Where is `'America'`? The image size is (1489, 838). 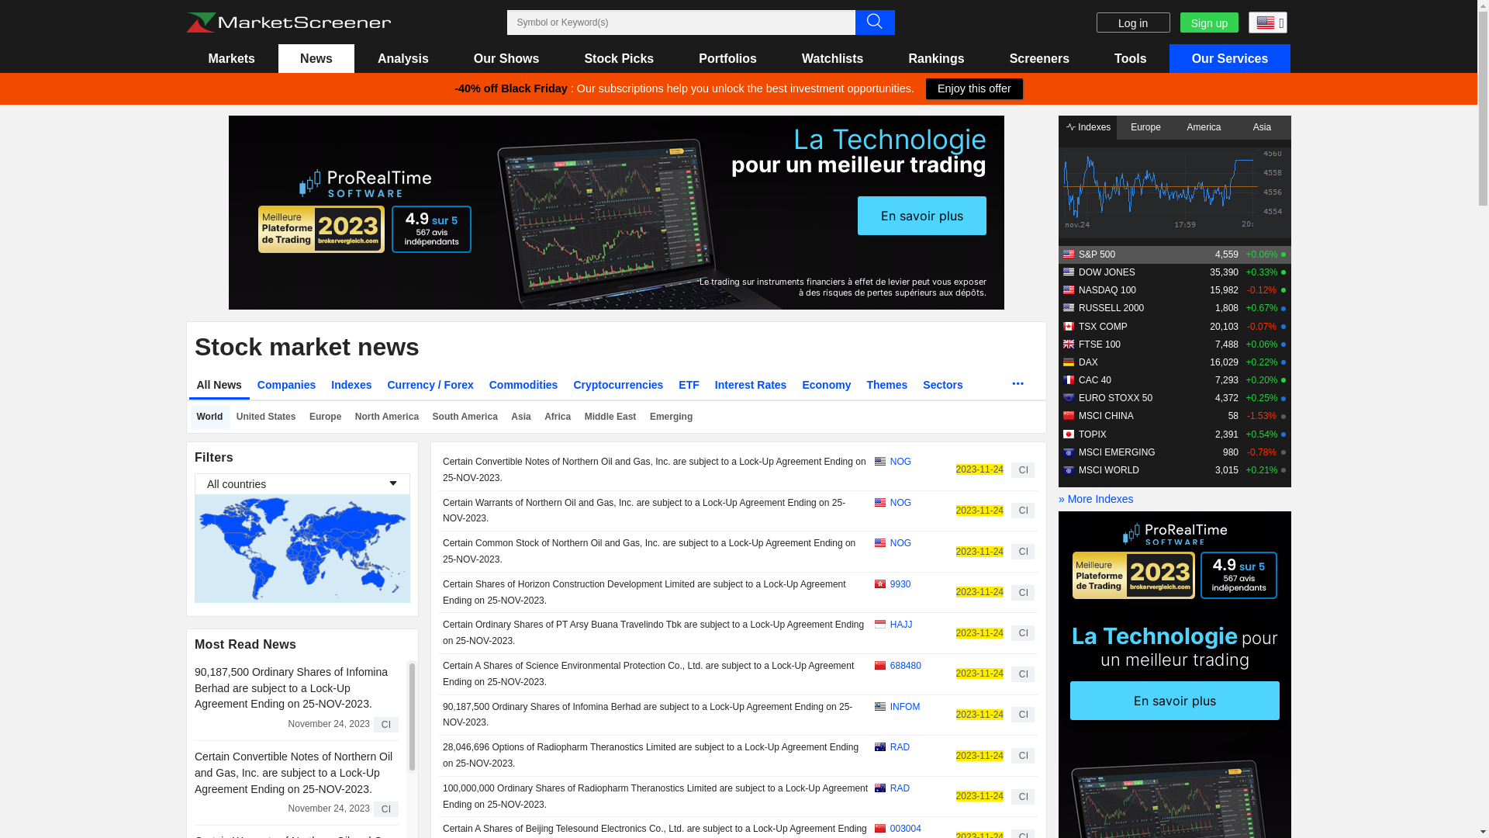 'America' is located at coordinates (1203, 126).